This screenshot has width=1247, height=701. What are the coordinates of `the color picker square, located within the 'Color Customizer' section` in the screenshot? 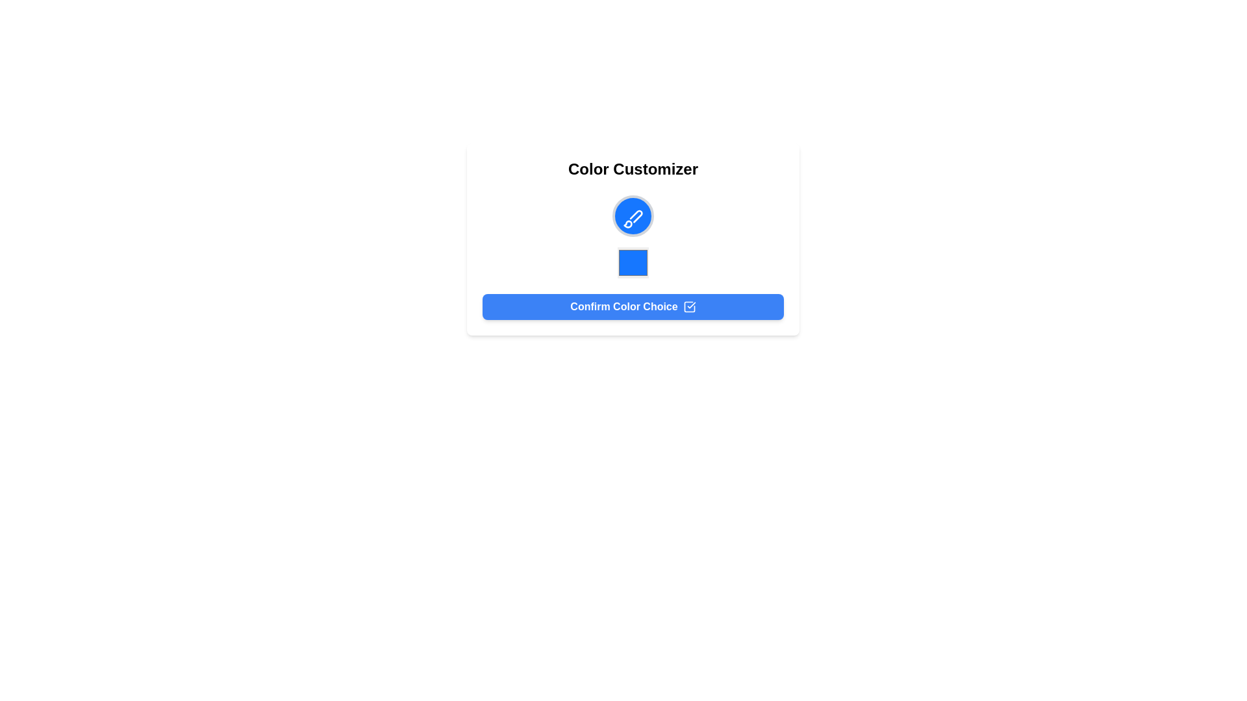 It's located at (633, 237).